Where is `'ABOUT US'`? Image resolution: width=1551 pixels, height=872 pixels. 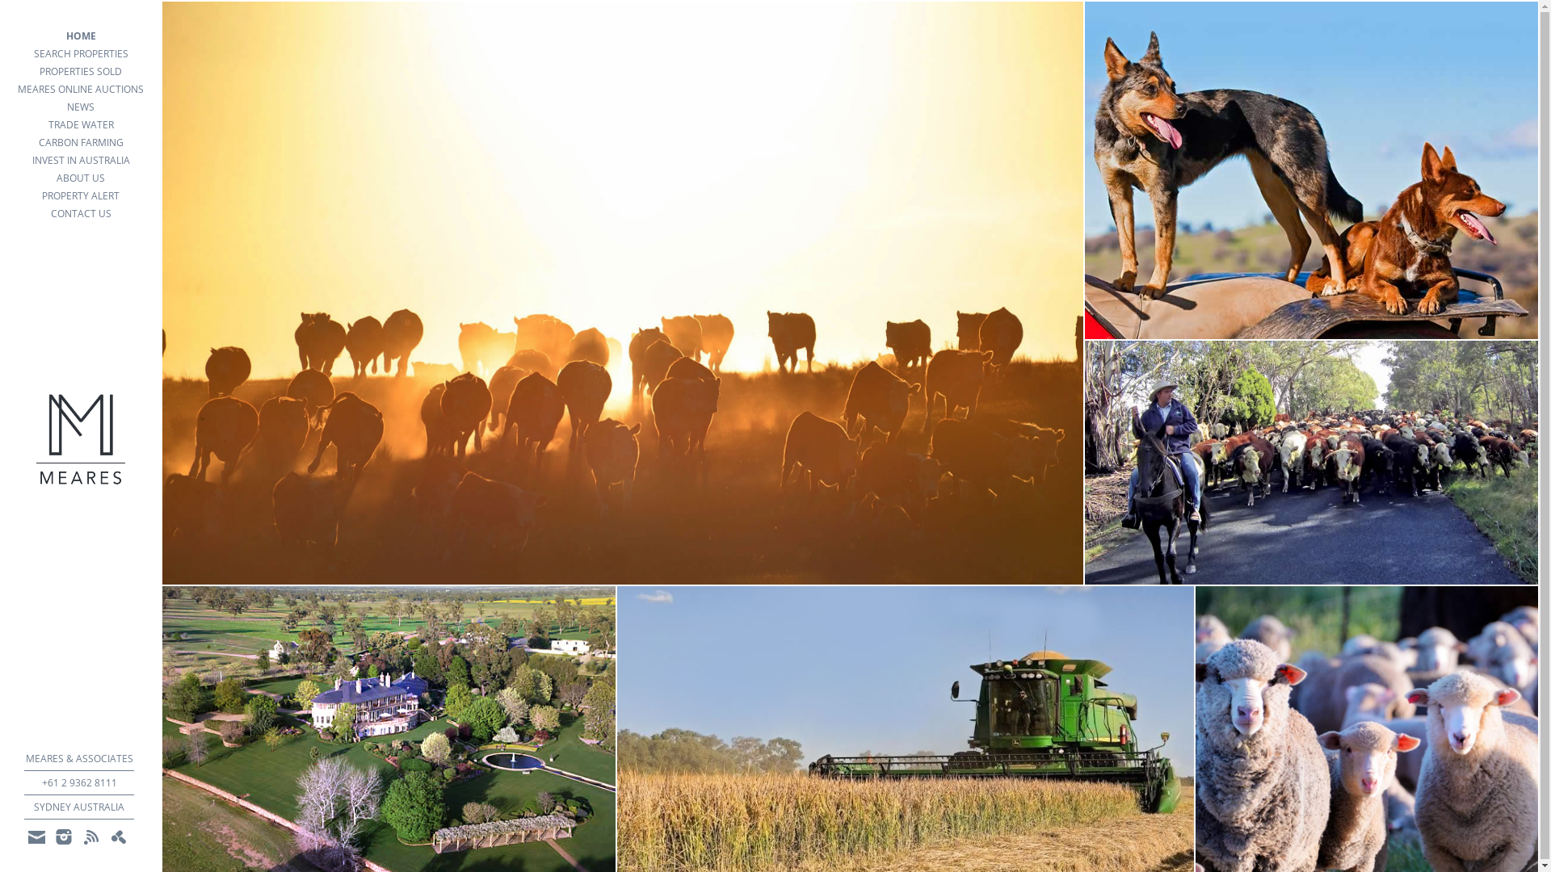
'ABOUT US' is located at coordinates (80, 178).